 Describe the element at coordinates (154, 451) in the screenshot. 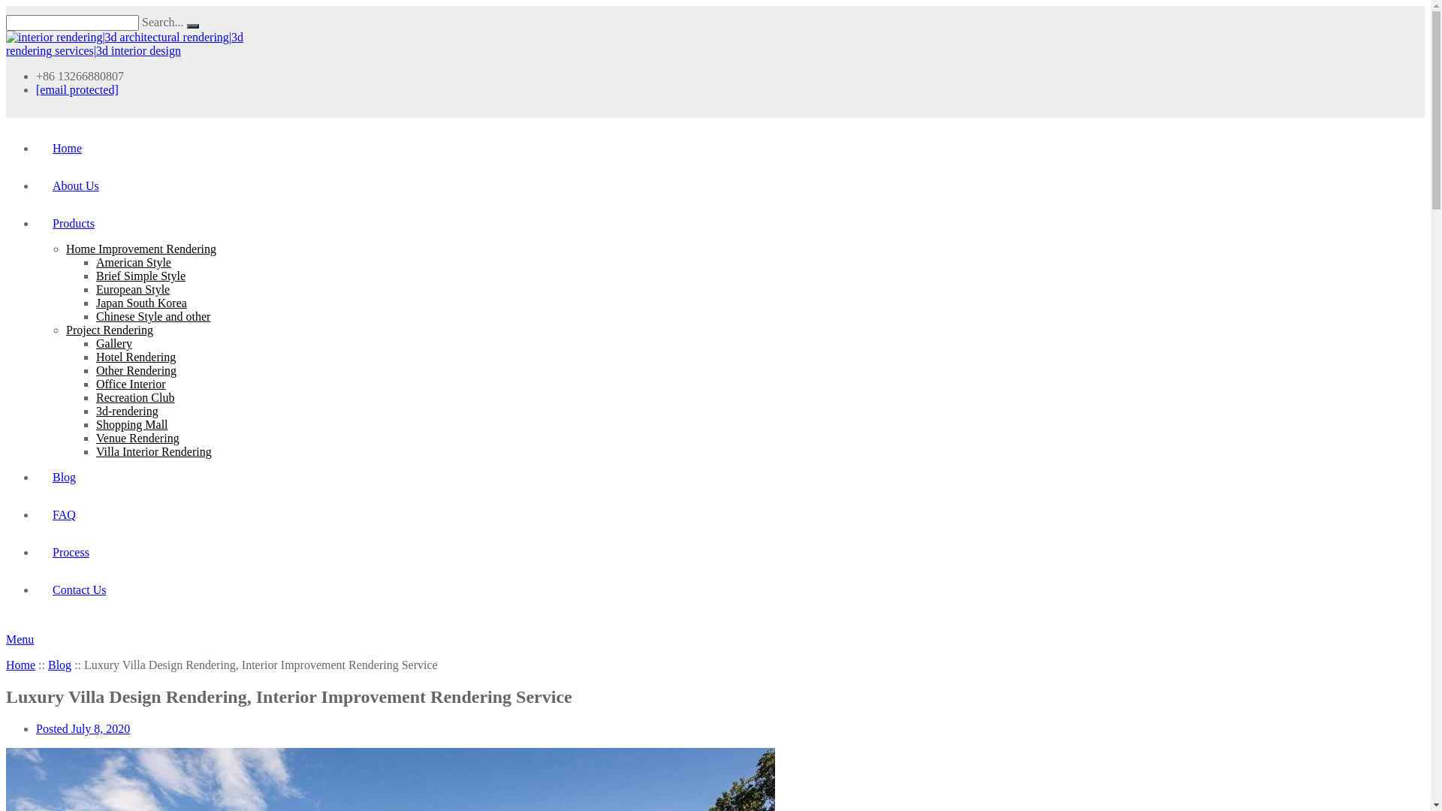

I see `'Villa Interior Rendering'` at that location.